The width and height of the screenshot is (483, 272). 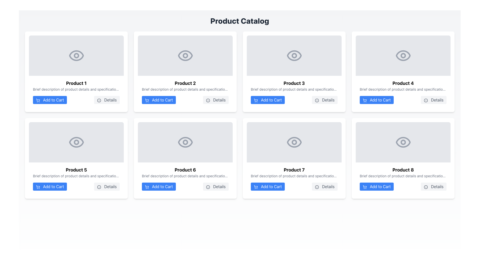 What do you see at coordinates (426, 100) in the screenshot?
I see `the 'Details' button associated with Product 4, which is visually enhanced by the SVG Circle located at the top-right of the product grid` at bounding box center [426, 100].